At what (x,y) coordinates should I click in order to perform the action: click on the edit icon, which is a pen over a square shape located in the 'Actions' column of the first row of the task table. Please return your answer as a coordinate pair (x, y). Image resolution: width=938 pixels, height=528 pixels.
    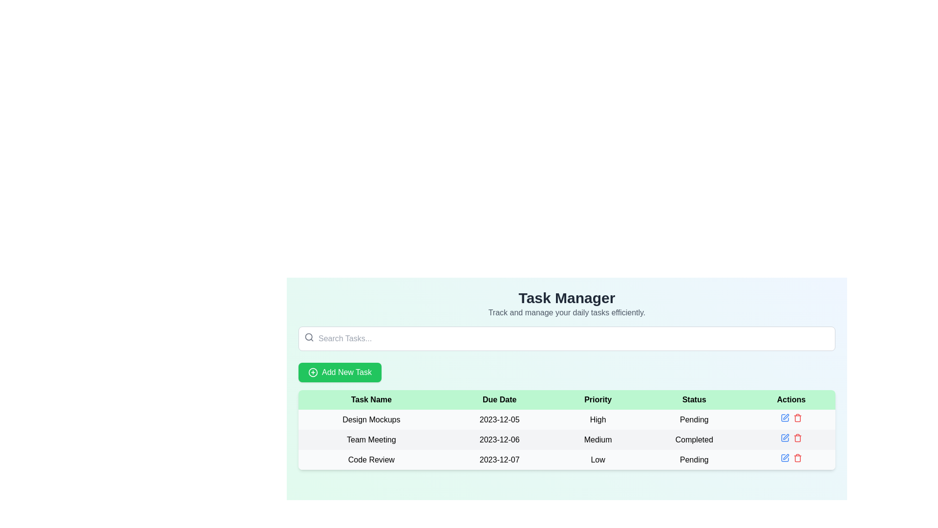
    Looking at the image, I should click on (786, 417).